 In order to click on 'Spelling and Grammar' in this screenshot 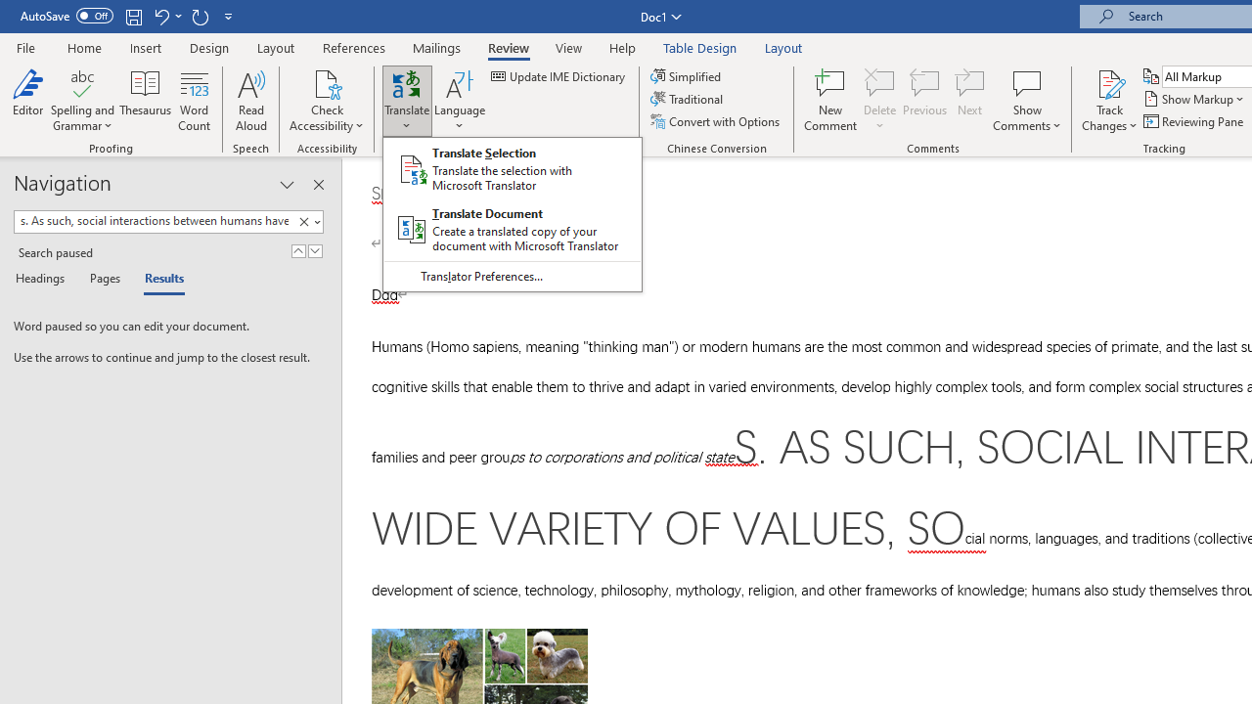, I will do `click(82, 82)`.